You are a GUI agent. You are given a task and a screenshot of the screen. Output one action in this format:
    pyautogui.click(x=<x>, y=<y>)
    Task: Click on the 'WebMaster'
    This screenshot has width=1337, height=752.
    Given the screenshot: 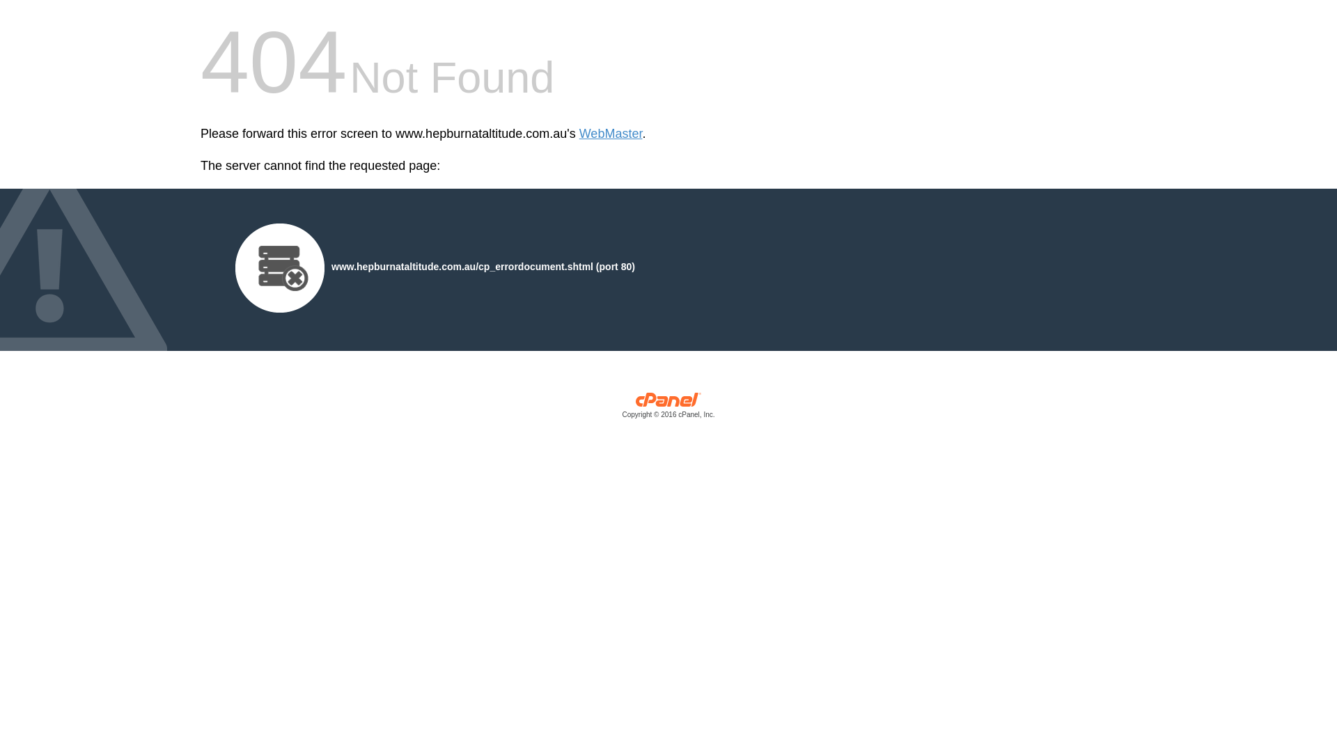 What is the action you would take?
    pyautogui.click(x=579, y=134)
    